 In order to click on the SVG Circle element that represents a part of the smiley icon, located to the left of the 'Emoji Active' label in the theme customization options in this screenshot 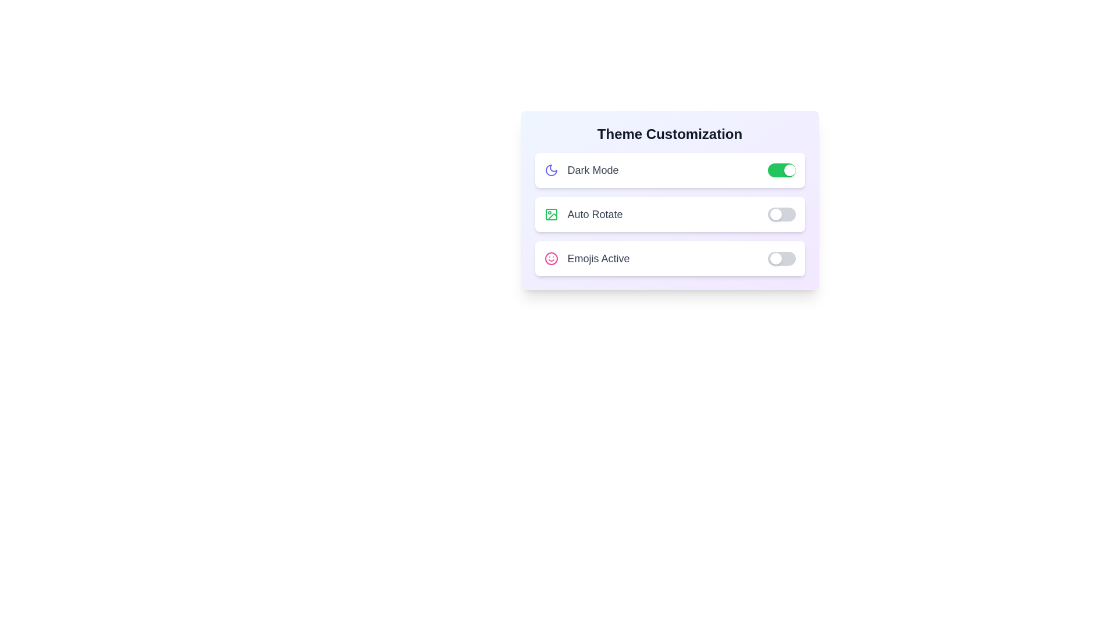, I will do `click(550, 258)`.